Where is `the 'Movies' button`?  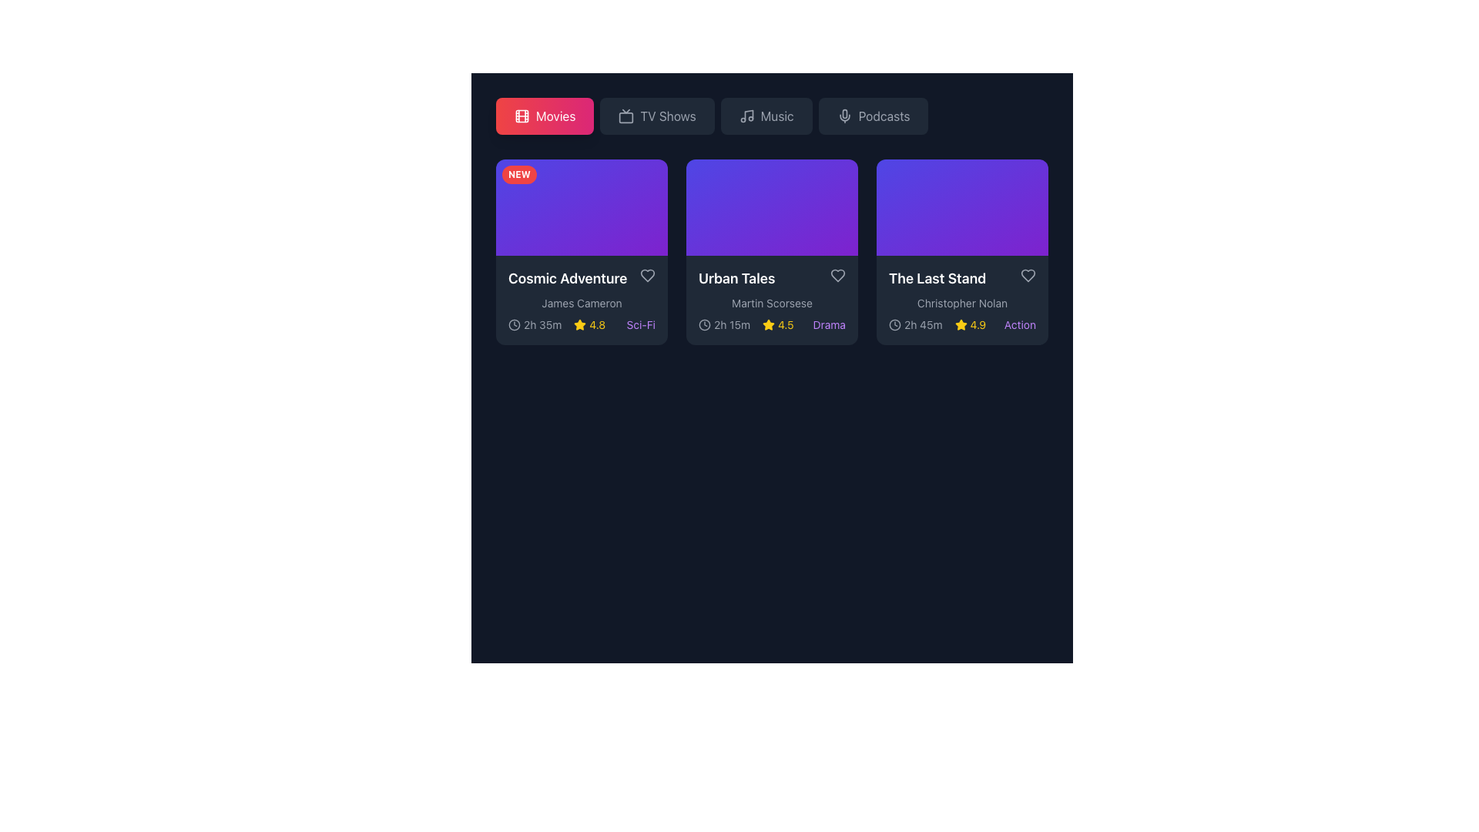 the 'Movies' button is located at coordinates (545, 115).